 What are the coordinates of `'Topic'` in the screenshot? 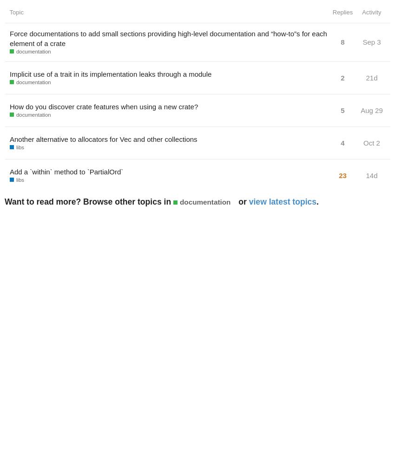 It's located at (16, 12).